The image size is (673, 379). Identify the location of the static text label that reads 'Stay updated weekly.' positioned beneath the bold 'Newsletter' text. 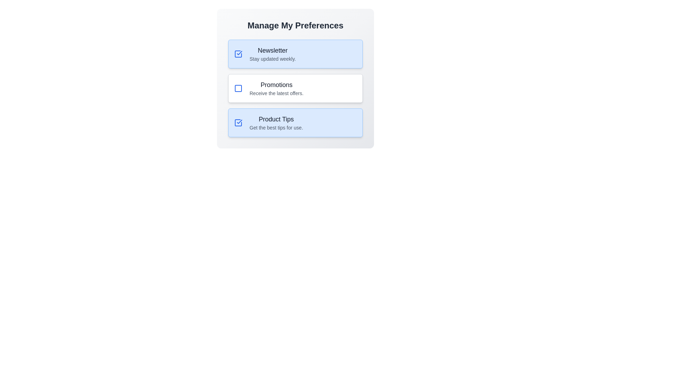
(272, 59).